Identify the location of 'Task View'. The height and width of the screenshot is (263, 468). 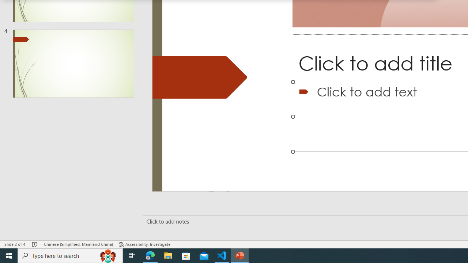
(131, 255).